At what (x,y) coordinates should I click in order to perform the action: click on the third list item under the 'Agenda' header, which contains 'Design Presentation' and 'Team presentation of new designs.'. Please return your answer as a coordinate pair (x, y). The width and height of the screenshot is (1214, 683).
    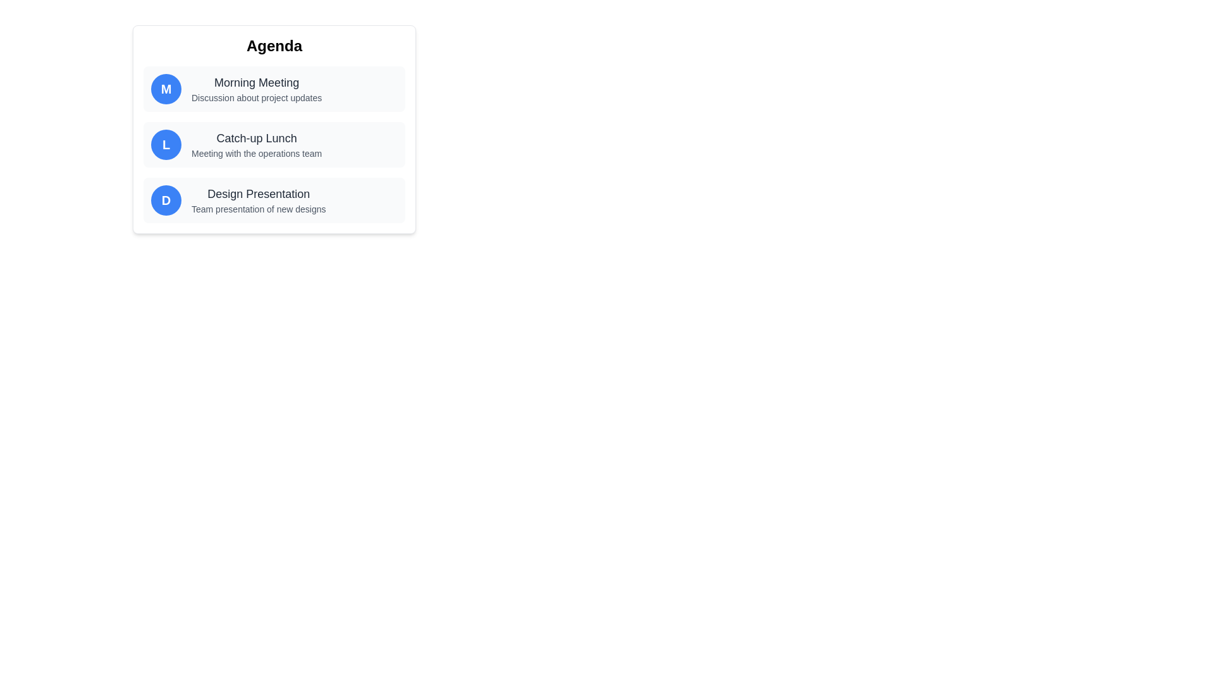
    Looking at the image, I should click on (273, 199).